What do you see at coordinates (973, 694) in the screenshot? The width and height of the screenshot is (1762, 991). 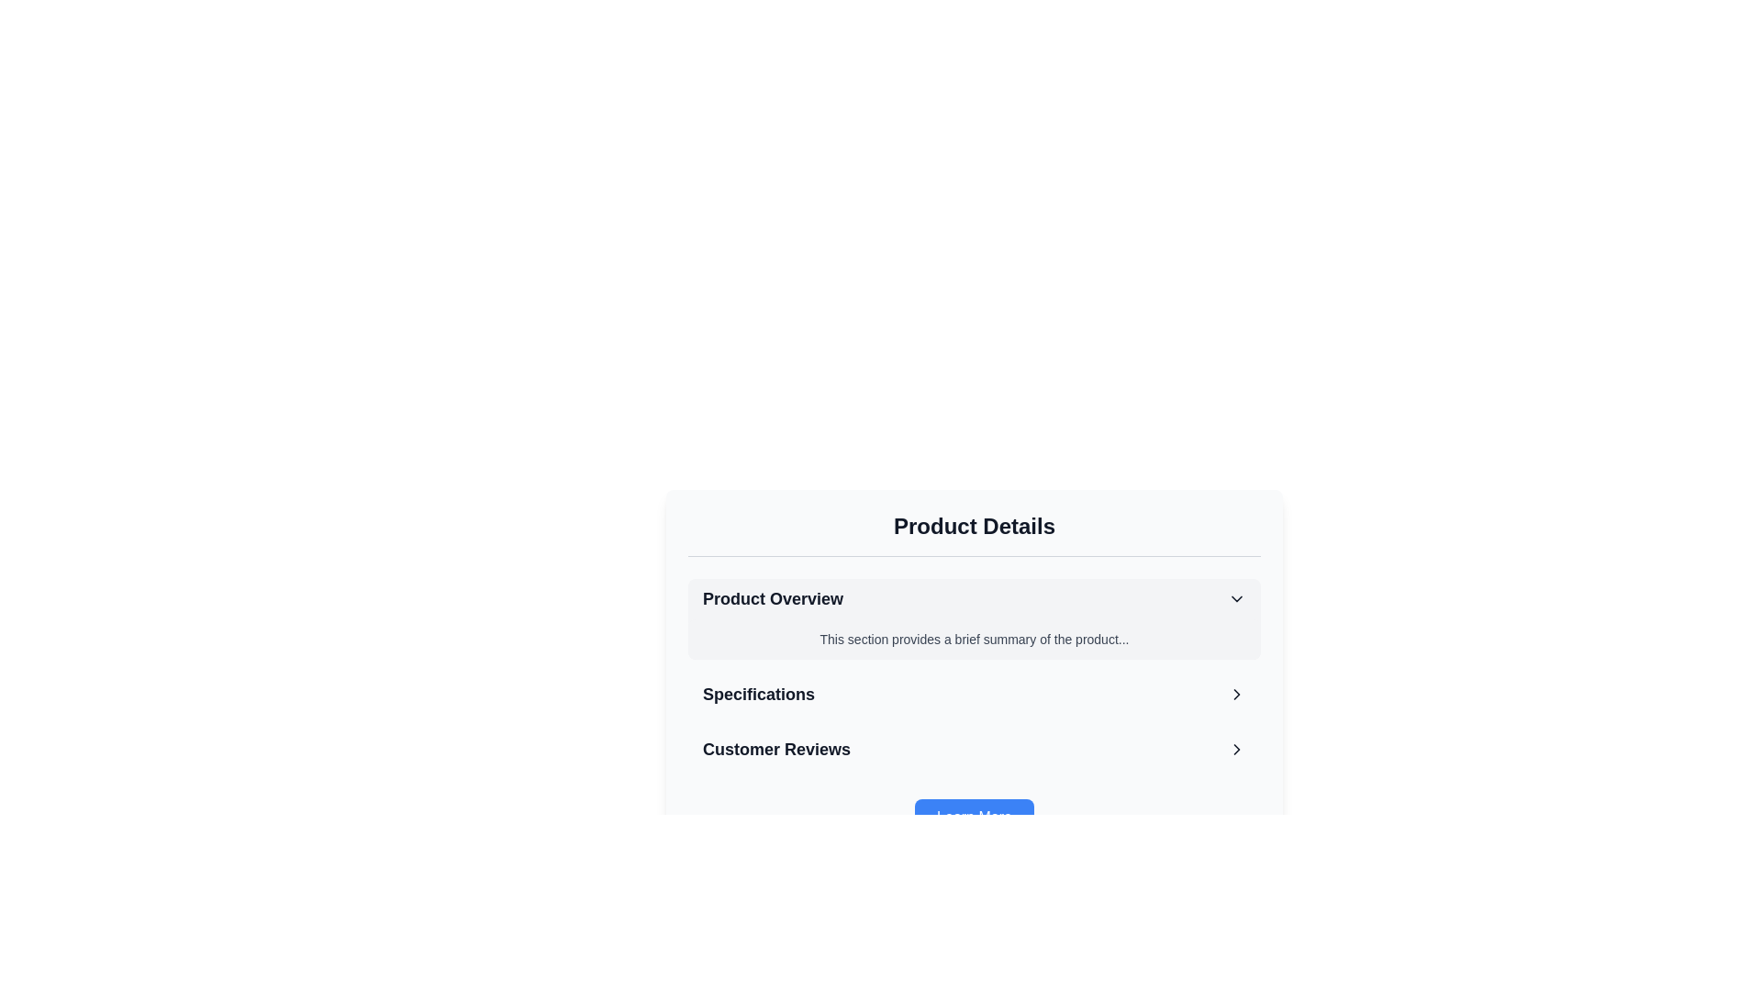 I see `the 'Specifications' option in the 'Product Details' section` at bounding box center [973, 694].